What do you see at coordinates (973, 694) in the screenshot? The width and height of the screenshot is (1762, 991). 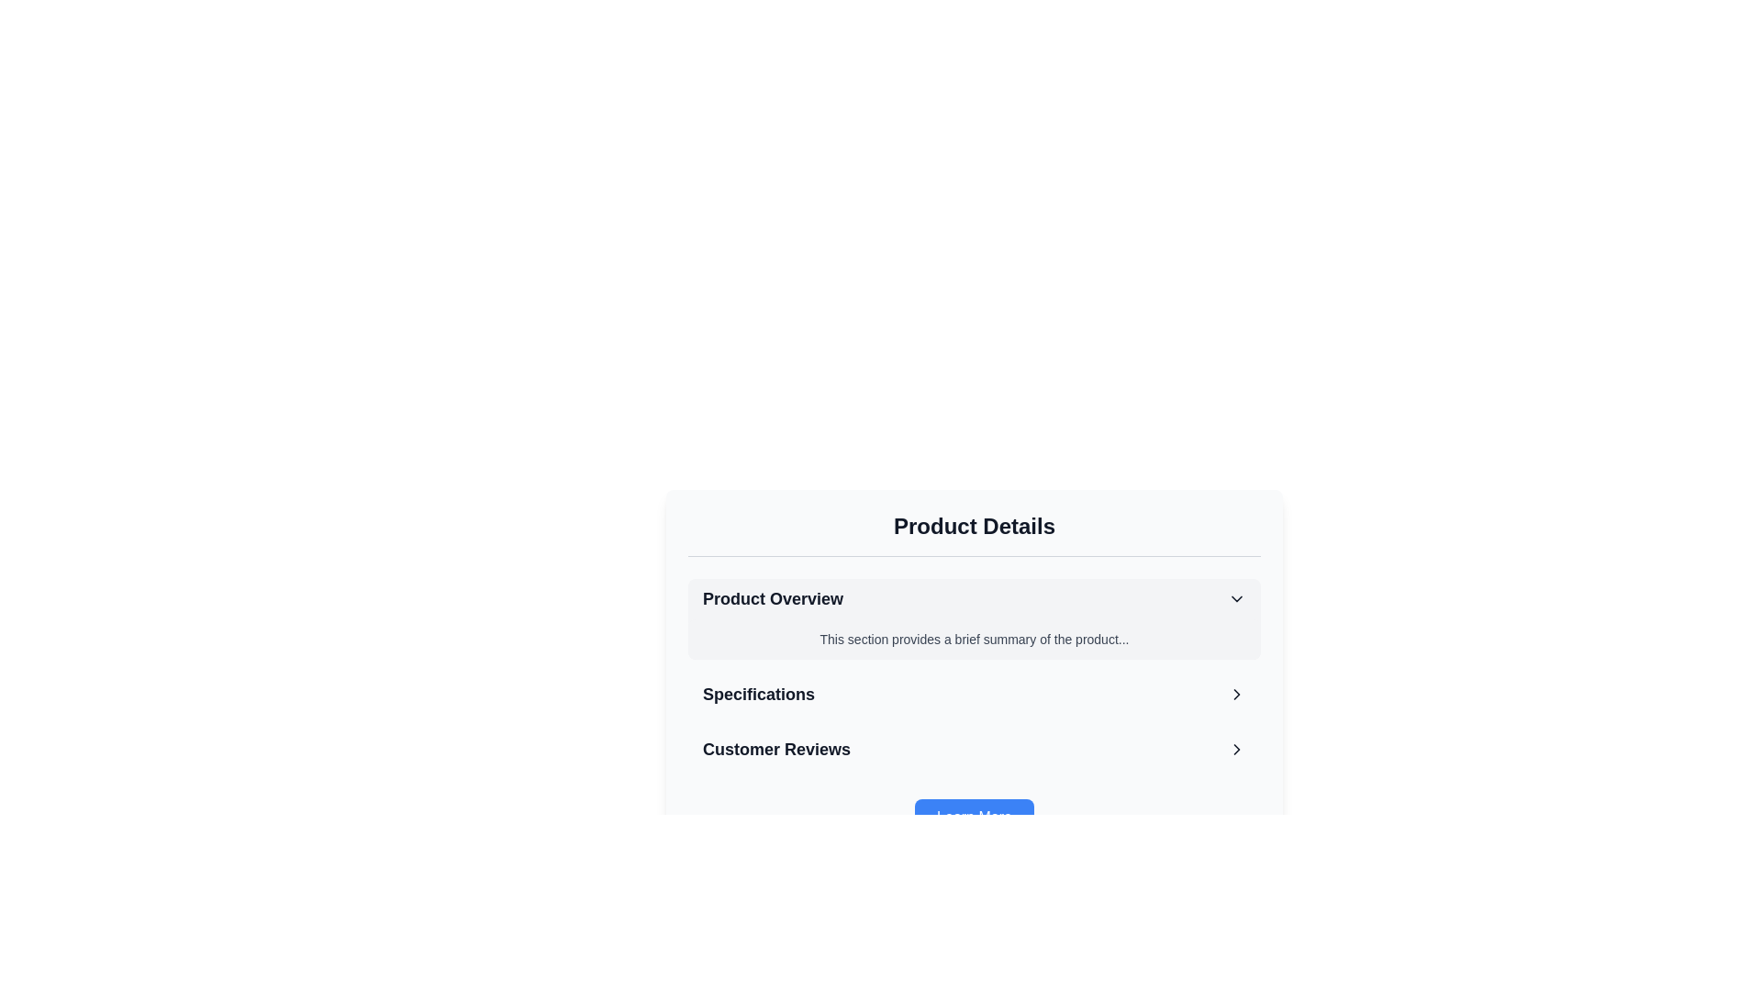 I see `the 'Specifications' option in the 'Product Details' section` at bounding box center [973, 694].